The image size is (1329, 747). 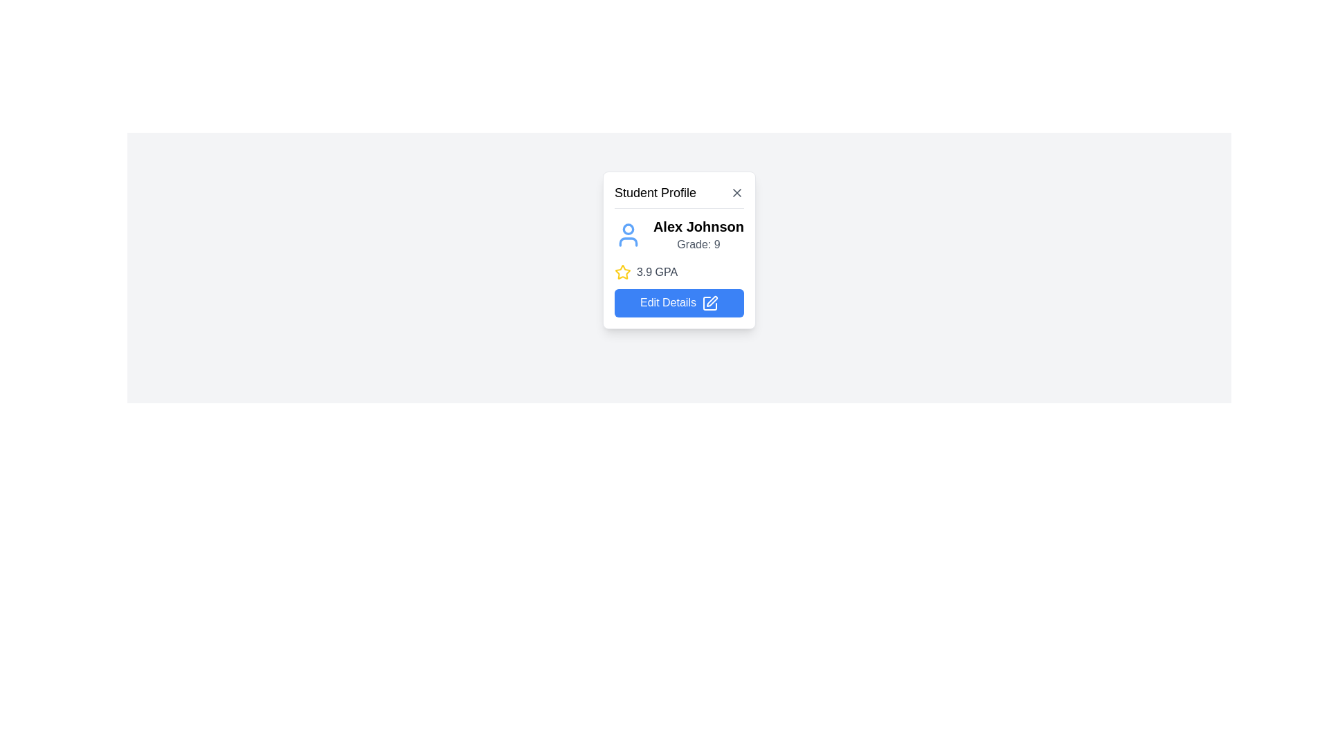 What do you see at coordinates (698, 244) in the screenshot?
I see `the static text element displaying 'Grade: 9', which is gray-colored and positioned below 'Alex Johnson'` at bounding box center [698, 244].